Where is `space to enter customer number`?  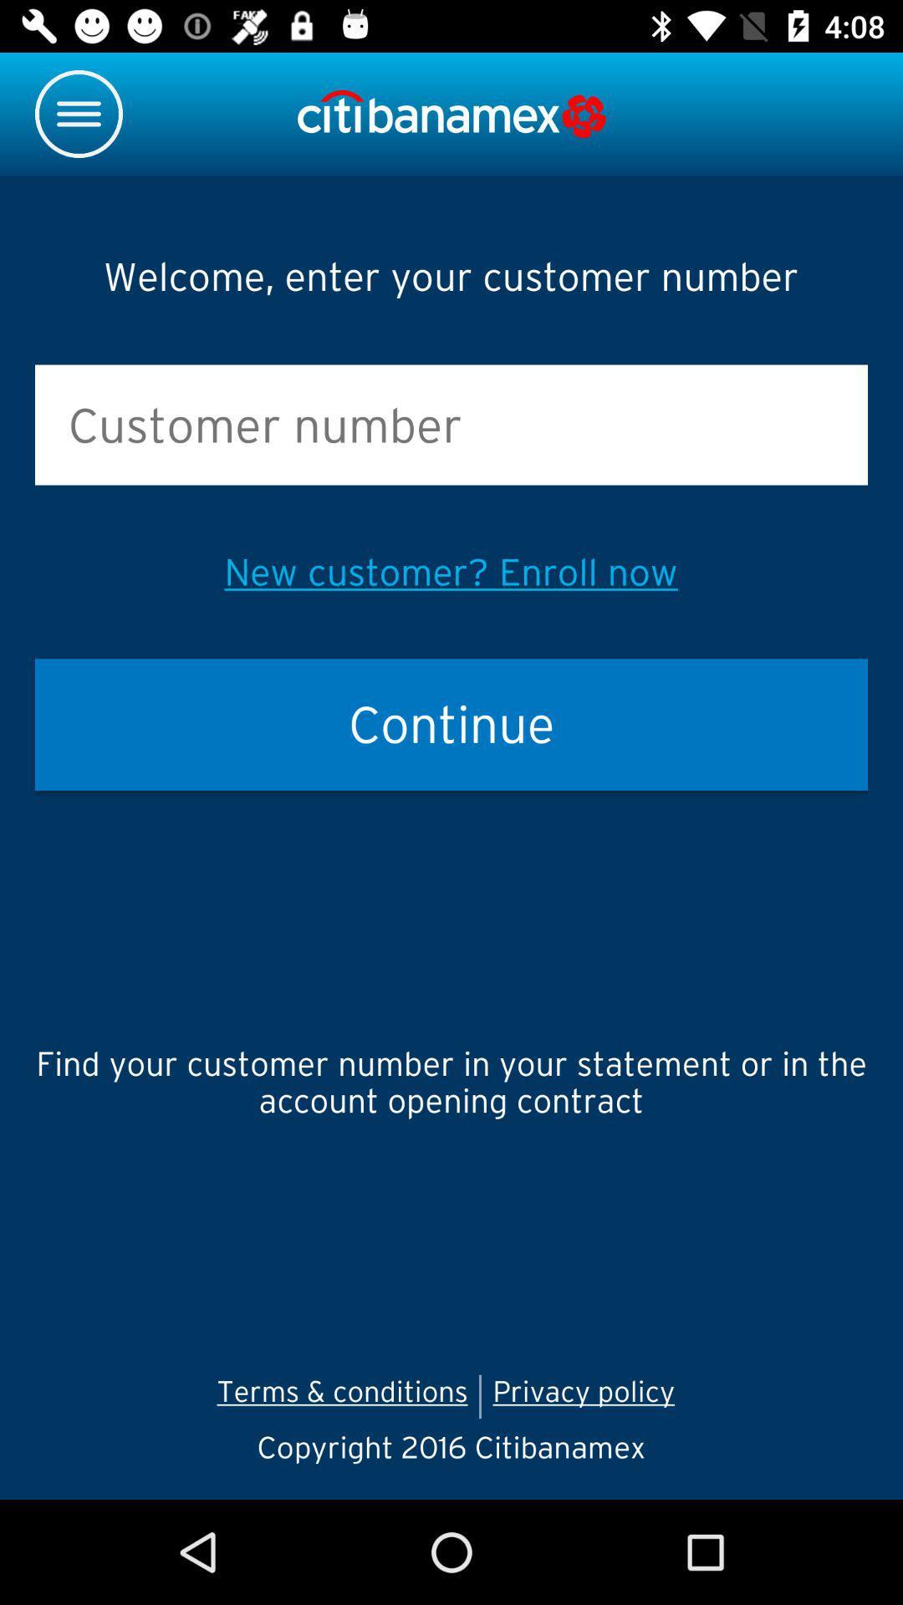 space to enter customer number is located at coordinates (451, 425).